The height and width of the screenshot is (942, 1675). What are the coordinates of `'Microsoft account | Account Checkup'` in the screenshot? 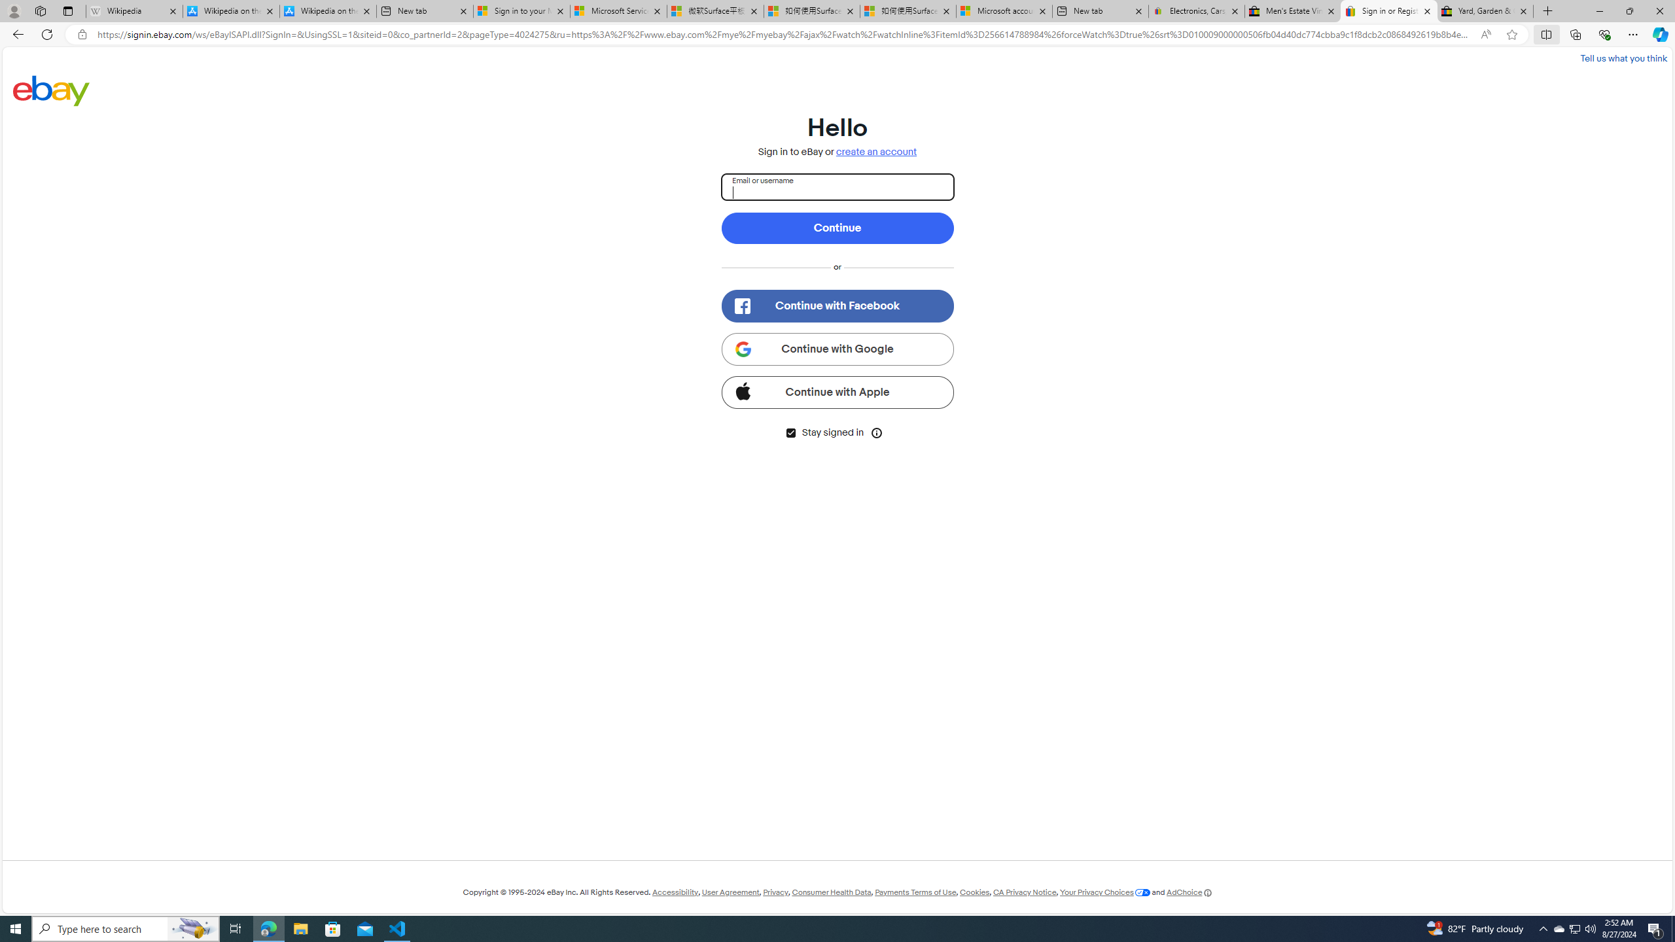 It's located at (1005, 10).